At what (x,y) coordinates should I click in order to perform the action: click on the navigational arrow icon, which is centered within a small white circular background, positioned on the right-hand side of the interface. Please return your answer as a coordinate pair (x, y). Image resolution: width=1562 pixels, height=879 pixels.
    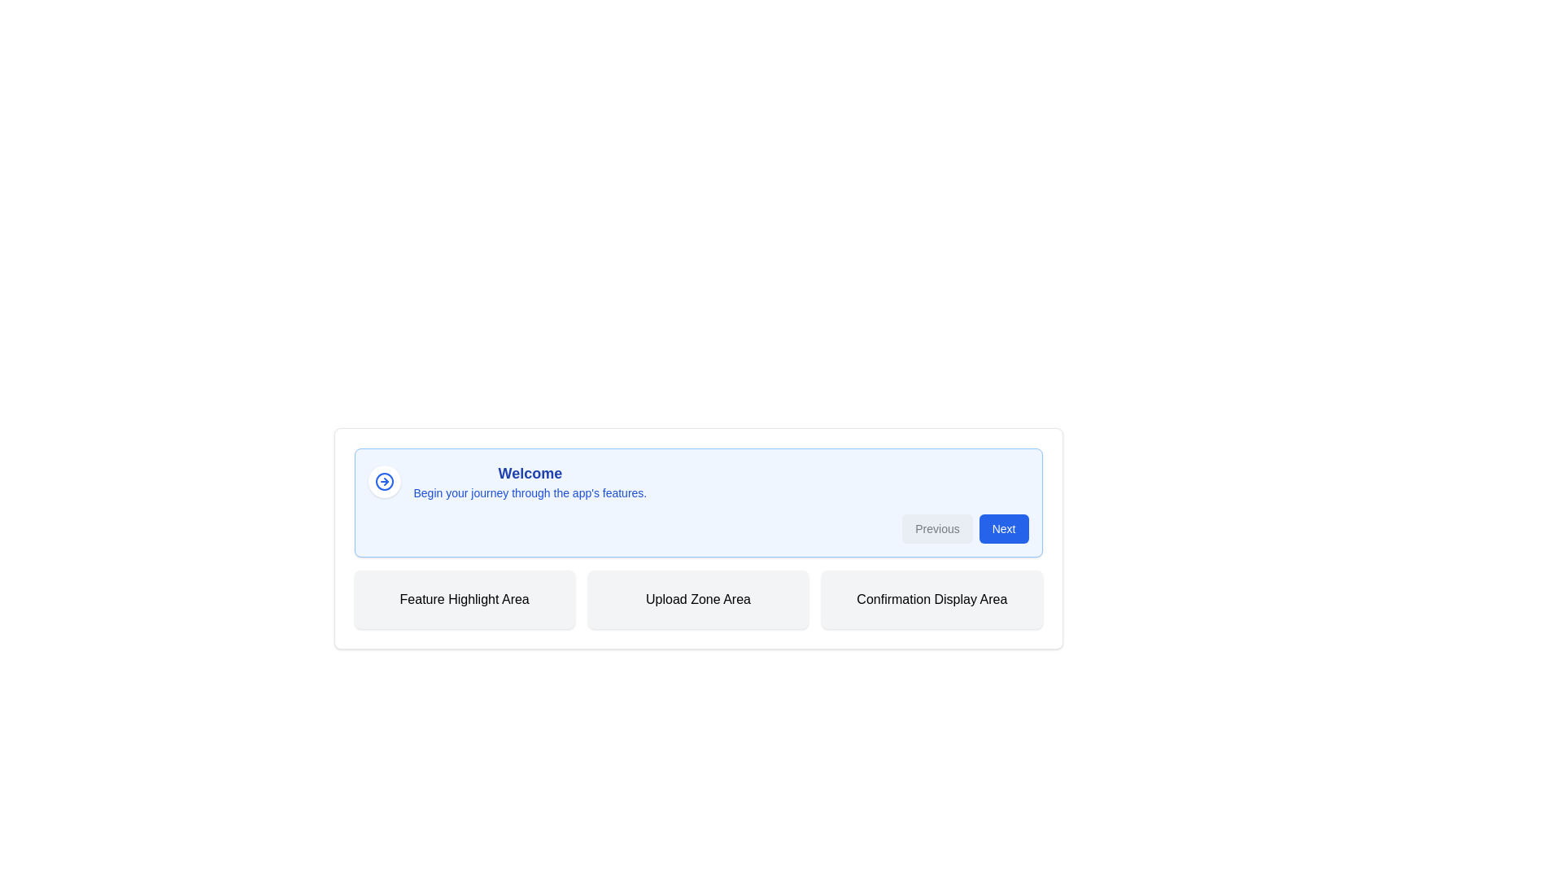
    Looking at the image, I should click on (383, 480).